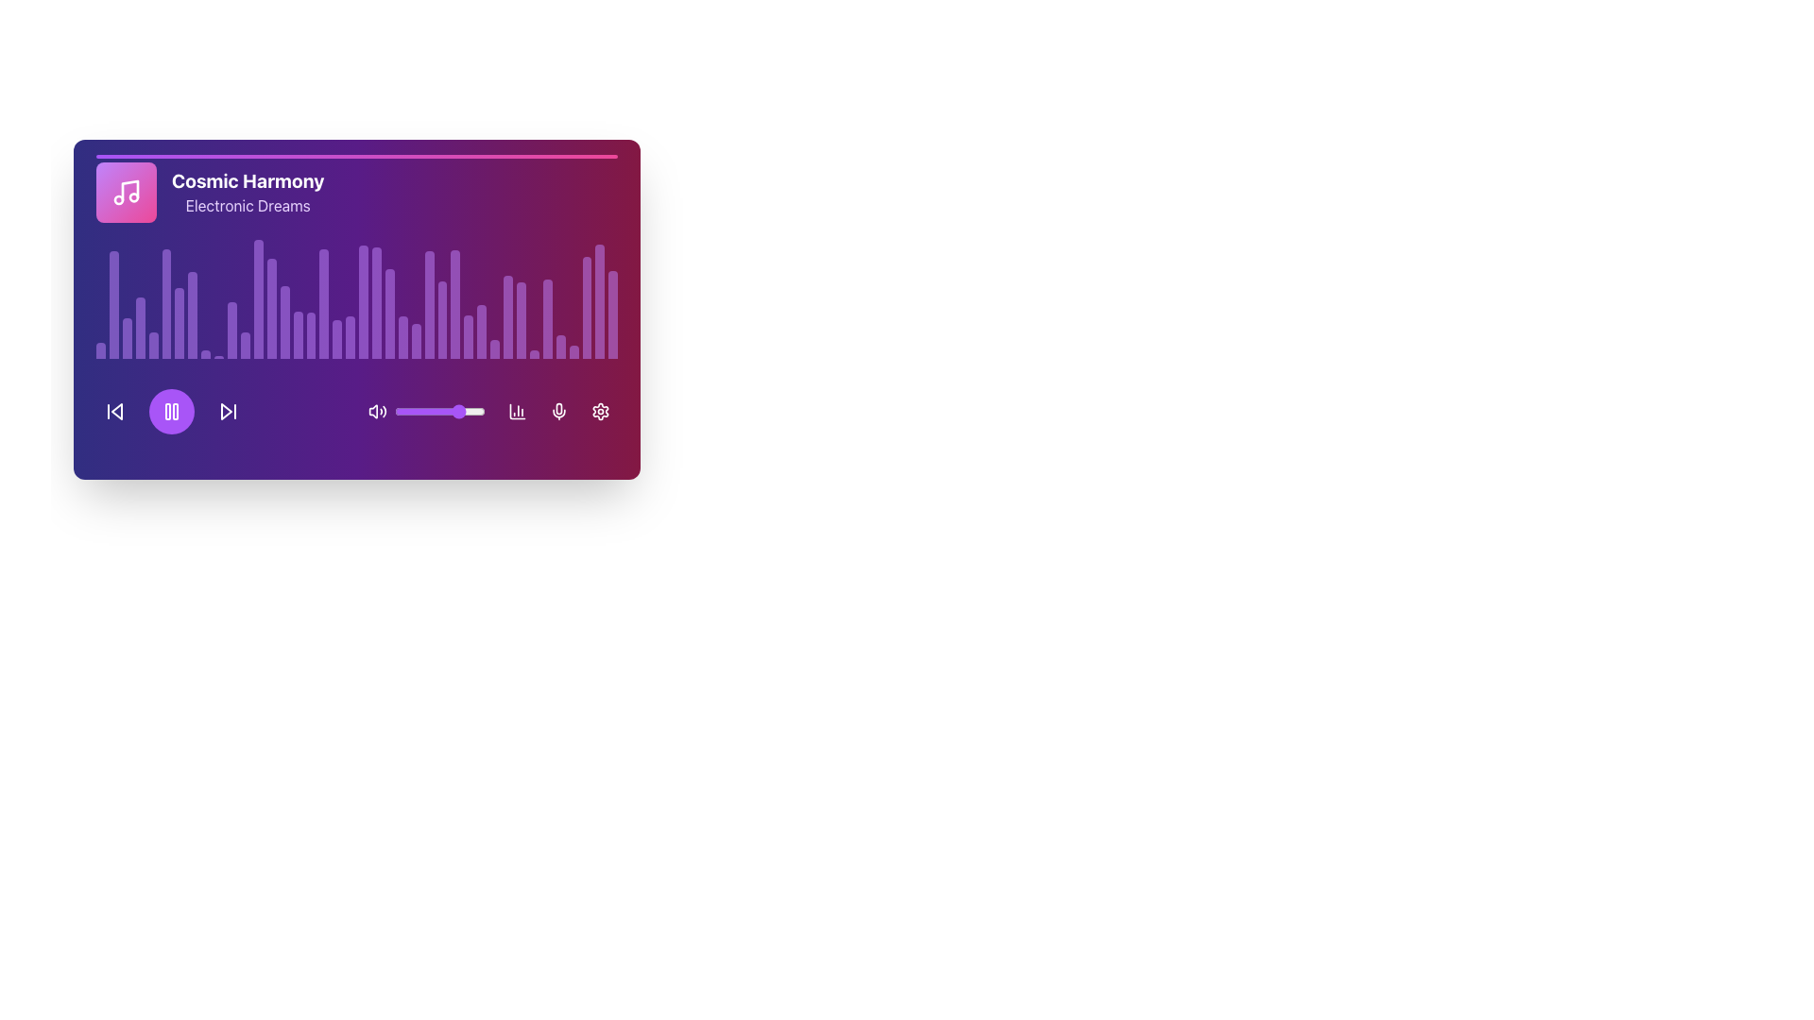 This screenshot has width=1814, height=1020. Describe the element at coordinates (126, 193) in the screenshot. I see `the musical note icon with a dynamic outline, located in the top-left section of the media control interface, next to the text 'Cosmic Harmony'` at that location.